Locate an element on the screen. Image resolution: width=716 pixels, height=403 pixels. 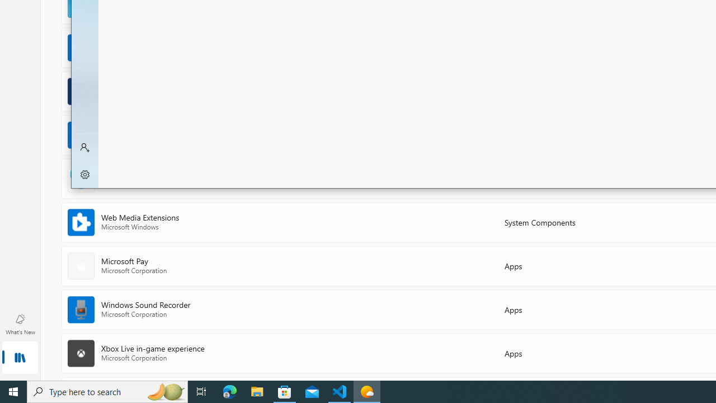
'Library' is located at coordinates (20, 358).